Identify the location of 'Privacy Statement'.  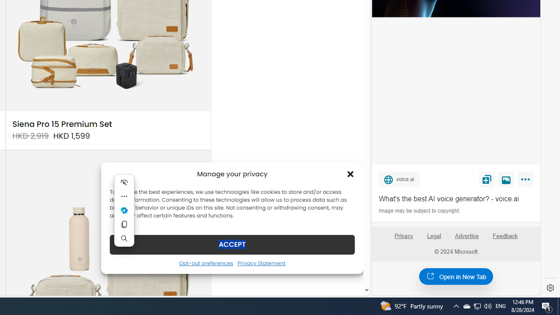
(261, 262).